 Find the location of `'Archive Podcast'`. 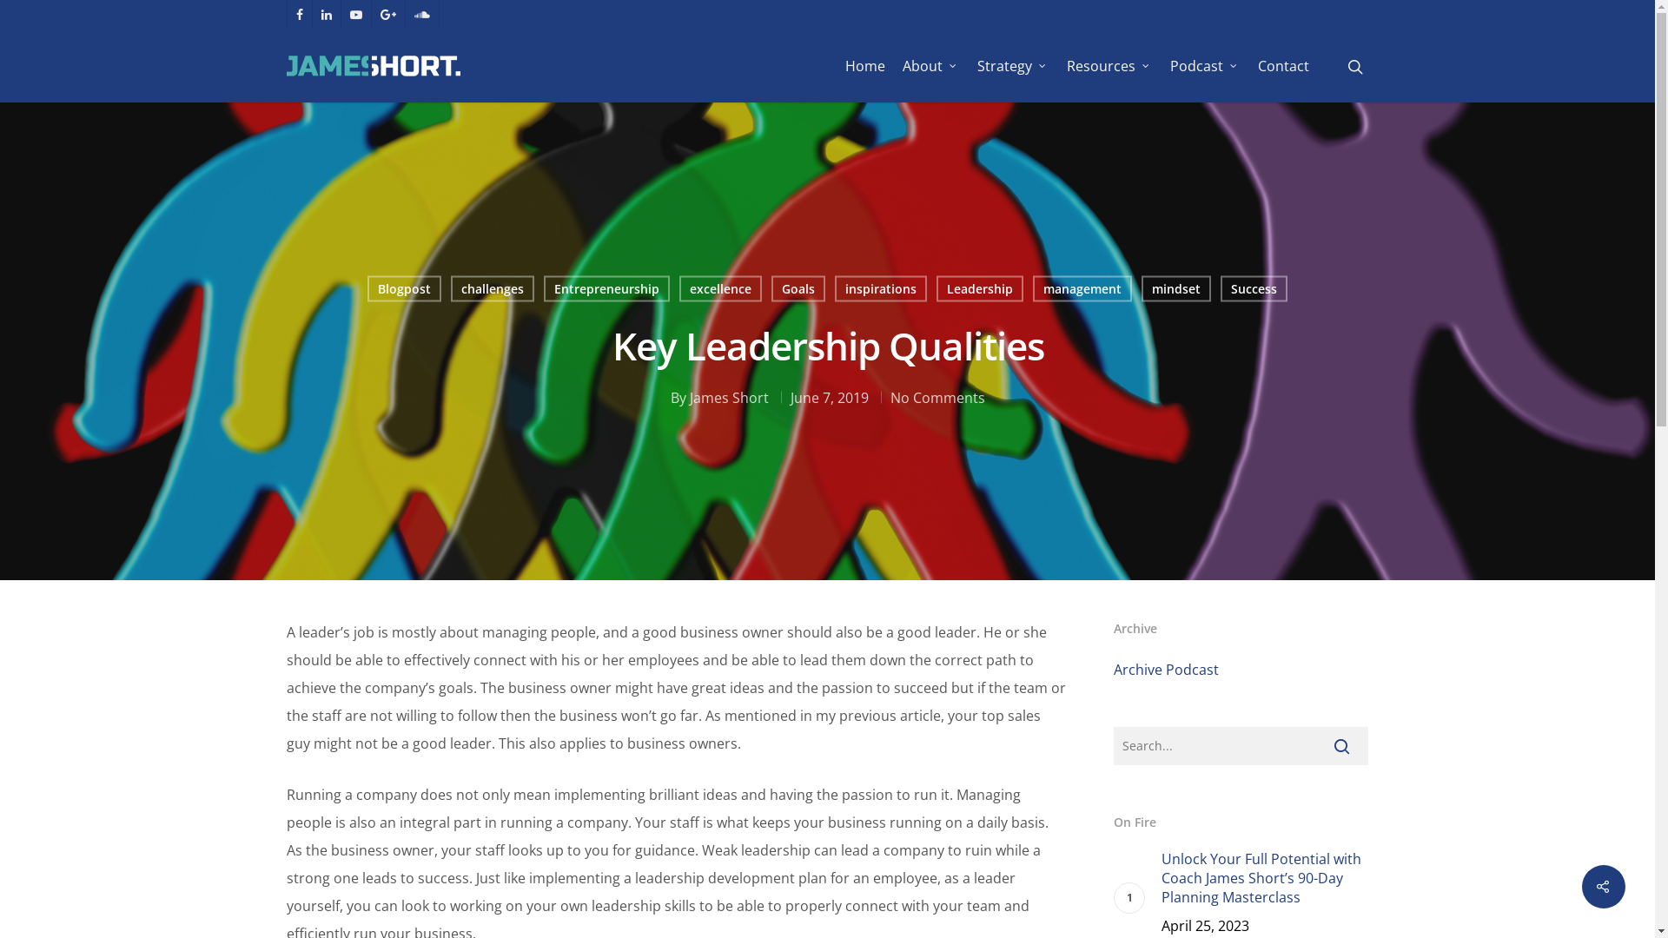

'Archive Podcast' is located at coordinates (1166, 669).